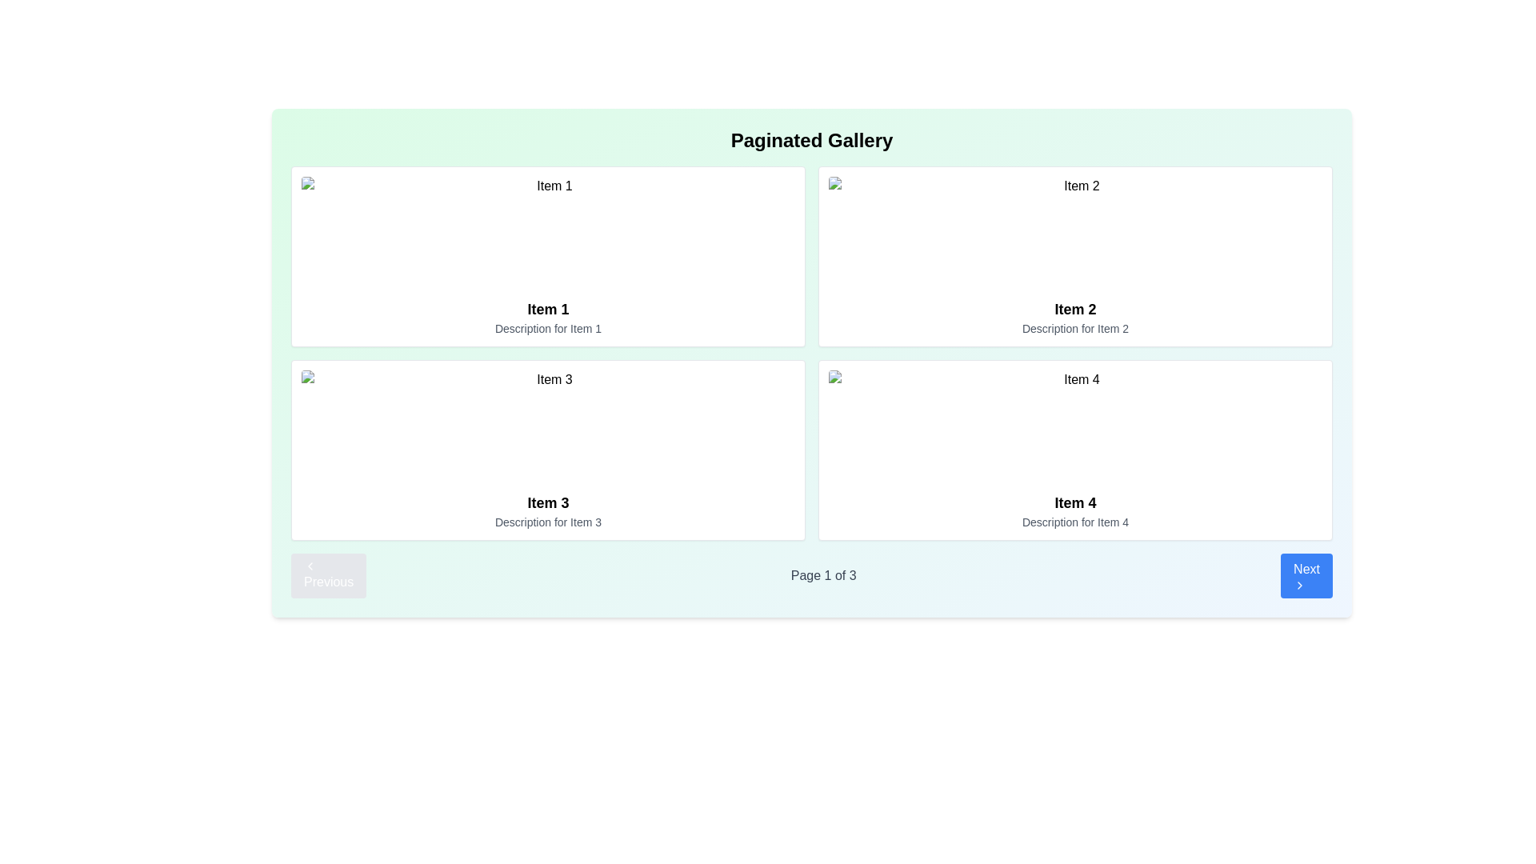 This screenshot has height=864, width=1536. I want to click on the vibrant blue 'Next' button with white text and an arrow icon, so click(1306, 576).